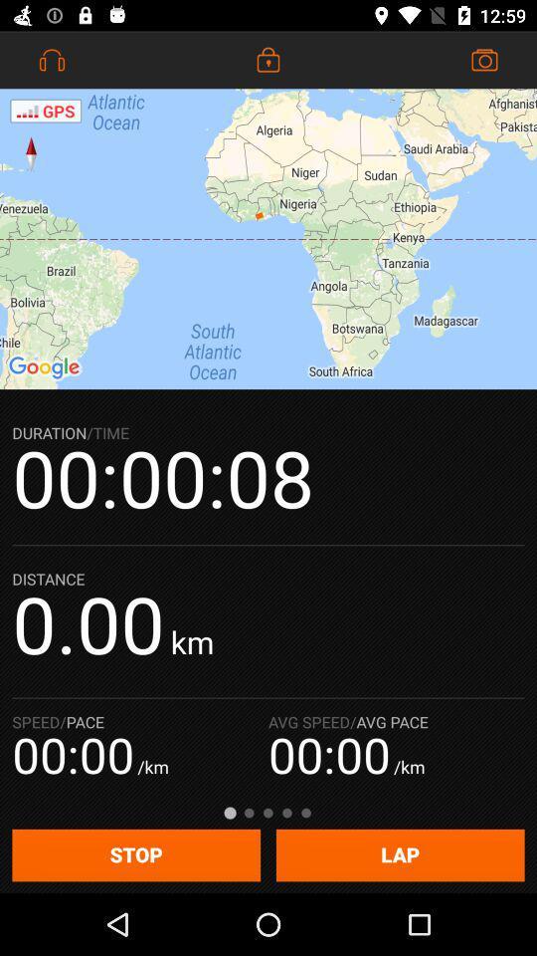 The height and width of the screenshot is (956, 537). I want to click on the lap, so click(400, 854).